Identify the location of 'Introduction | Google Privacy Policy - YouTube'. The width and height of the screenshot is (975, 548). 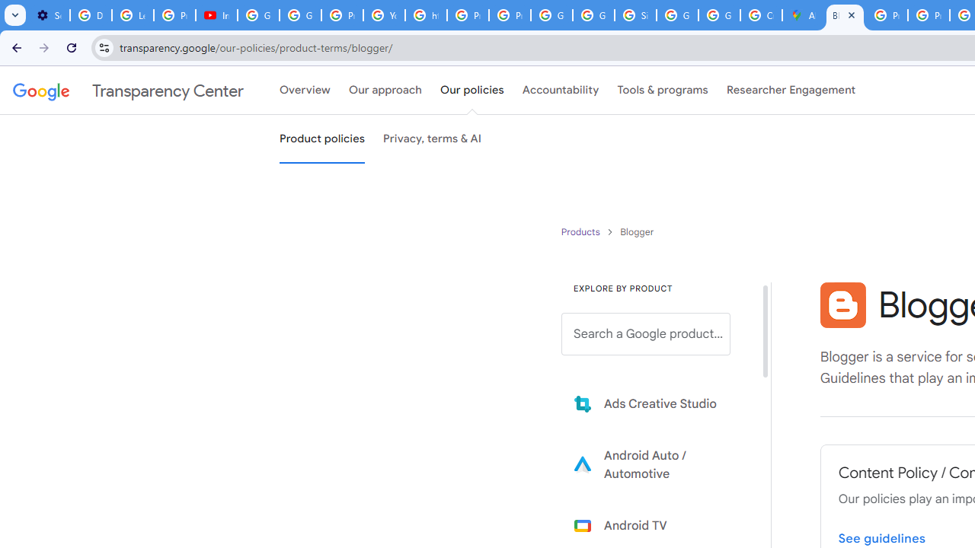
(216, 15).